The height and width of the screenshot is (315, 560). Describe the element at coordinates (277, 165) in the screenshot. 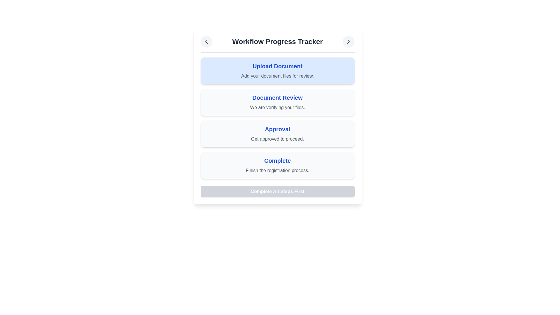

I see `the Informational card that contains the text 'Complete' in bold blue font and 'Finish the registration process' in regular gray font, which is positioned above the 'Complete All Steps First' button` at that location.